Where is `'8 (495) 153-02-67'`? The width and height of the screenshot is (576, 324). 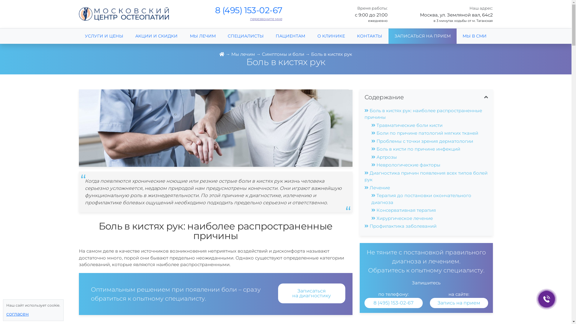 '8 (495) 153-02-67' is located at coordinates (393, 303).